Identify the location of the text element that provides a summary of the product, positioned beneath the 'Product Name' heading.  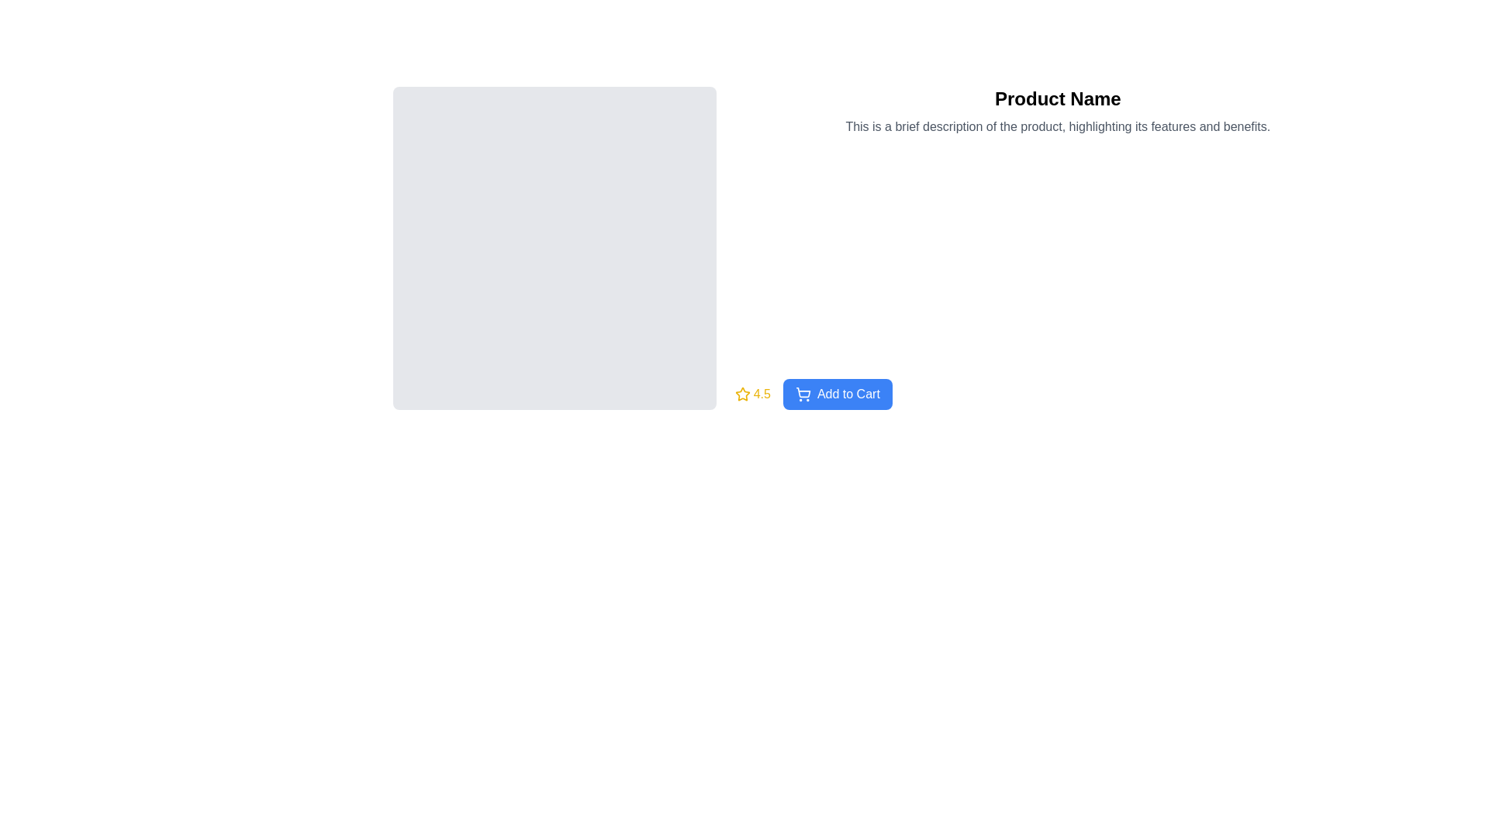
(1057, 126).